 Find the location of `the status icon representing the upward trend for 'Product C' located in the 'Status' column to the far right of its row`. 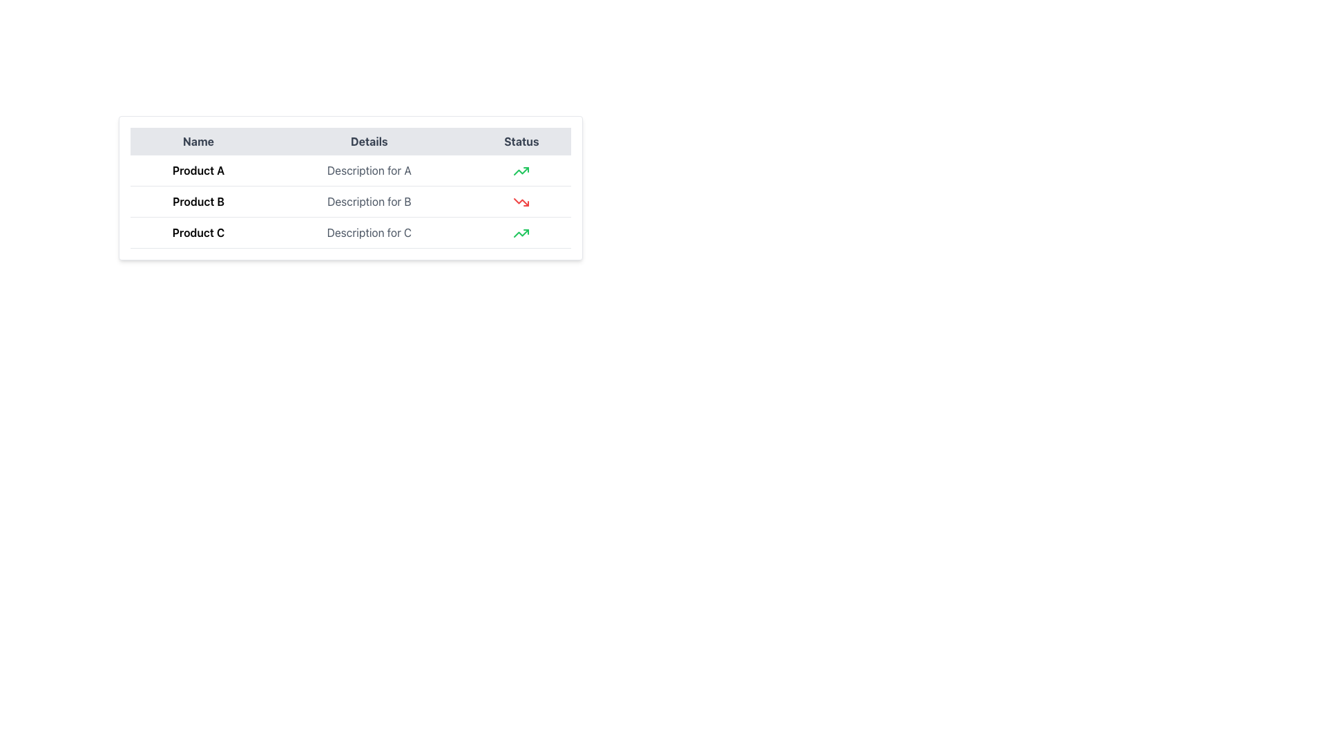

the status icon representing the upward trend for 'Product C' located in the 'Status' column to the far right of its row is located at coordinates (521, 231).